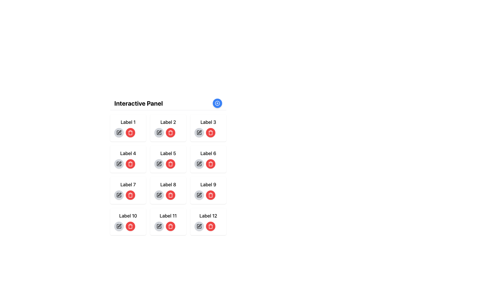  What do you see at coordinates (208, 132) in the screenshot?
I see `the button group consisting of an edit button and a delete button located in 'Label 3', positioned in the first row and third column of the grid interface` at bounding box center [208, 132].